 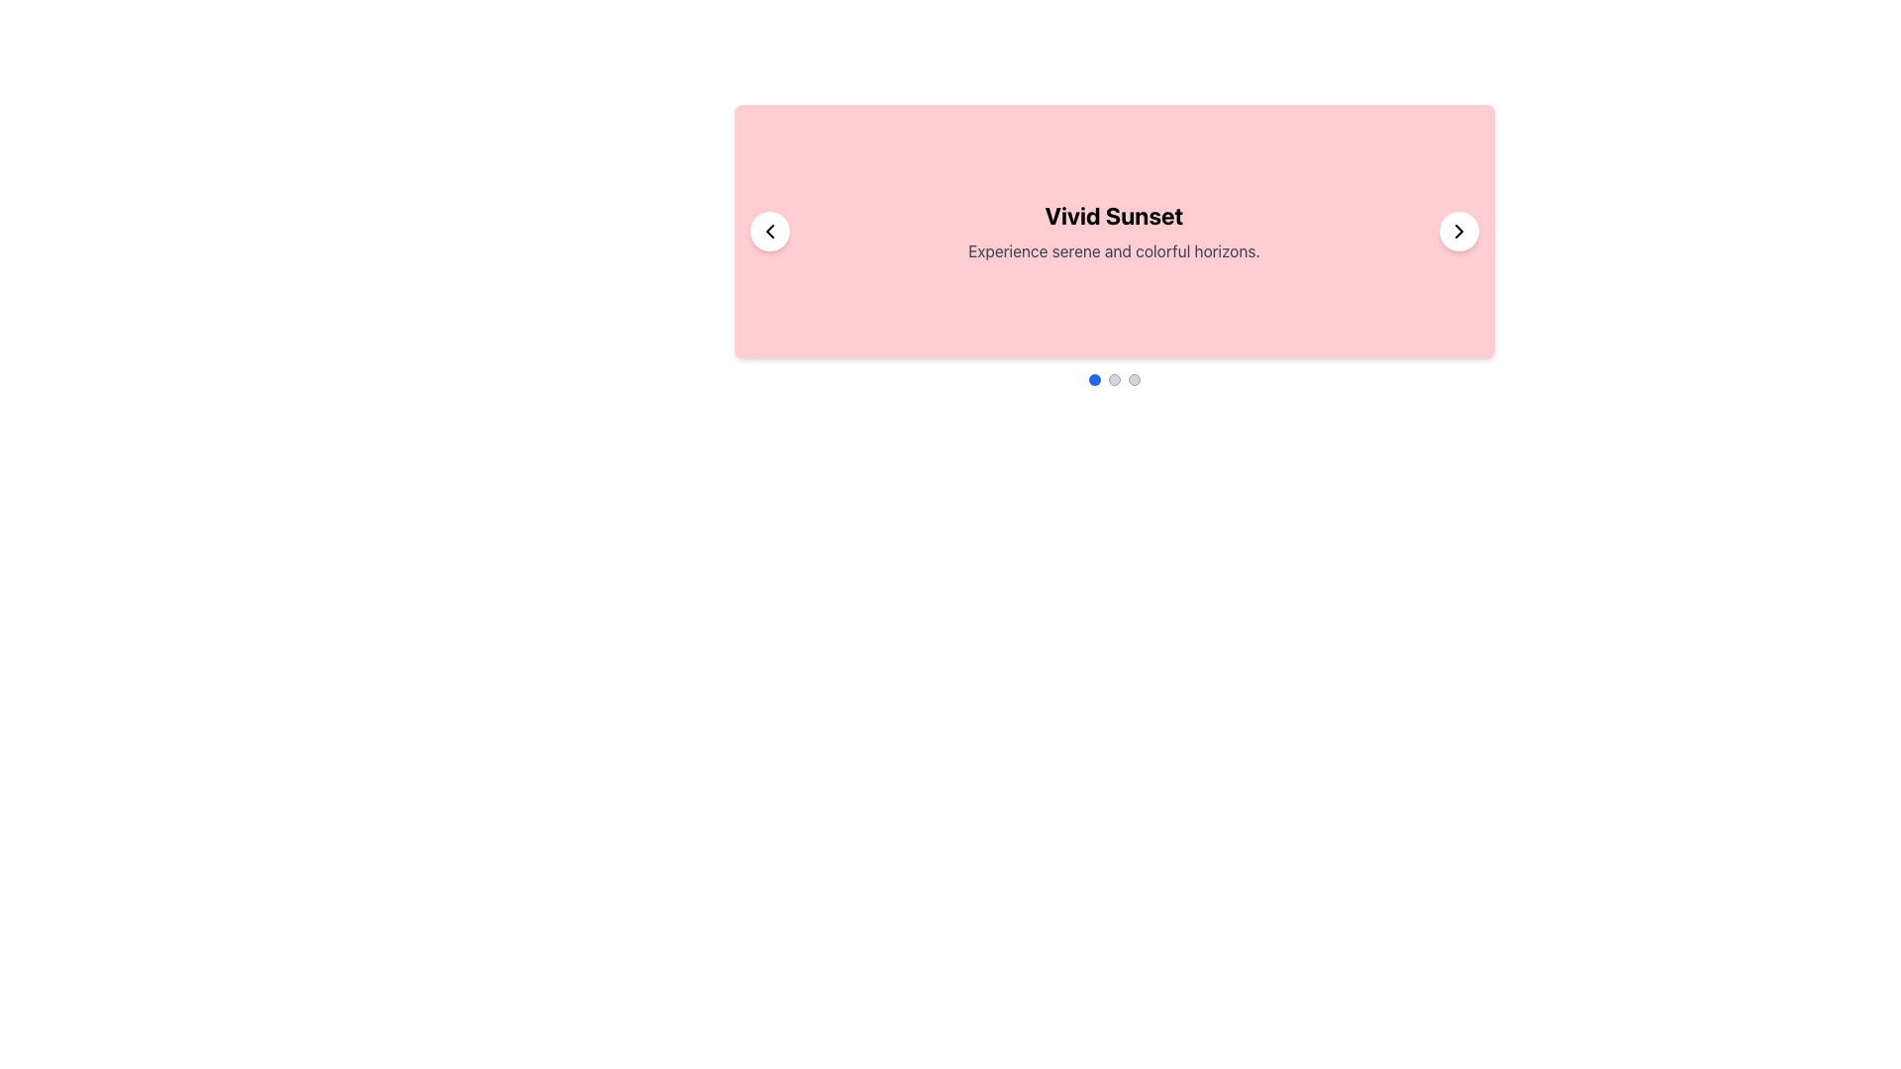 What do you see at coordinates (1458, 231) in the screenshot?
I see `the right-facing chevron icon on the circular button located at the bottom-right corner of the pink rectangular card labeled 'Vivid Sunset'` at bounding box center [1458, 231].